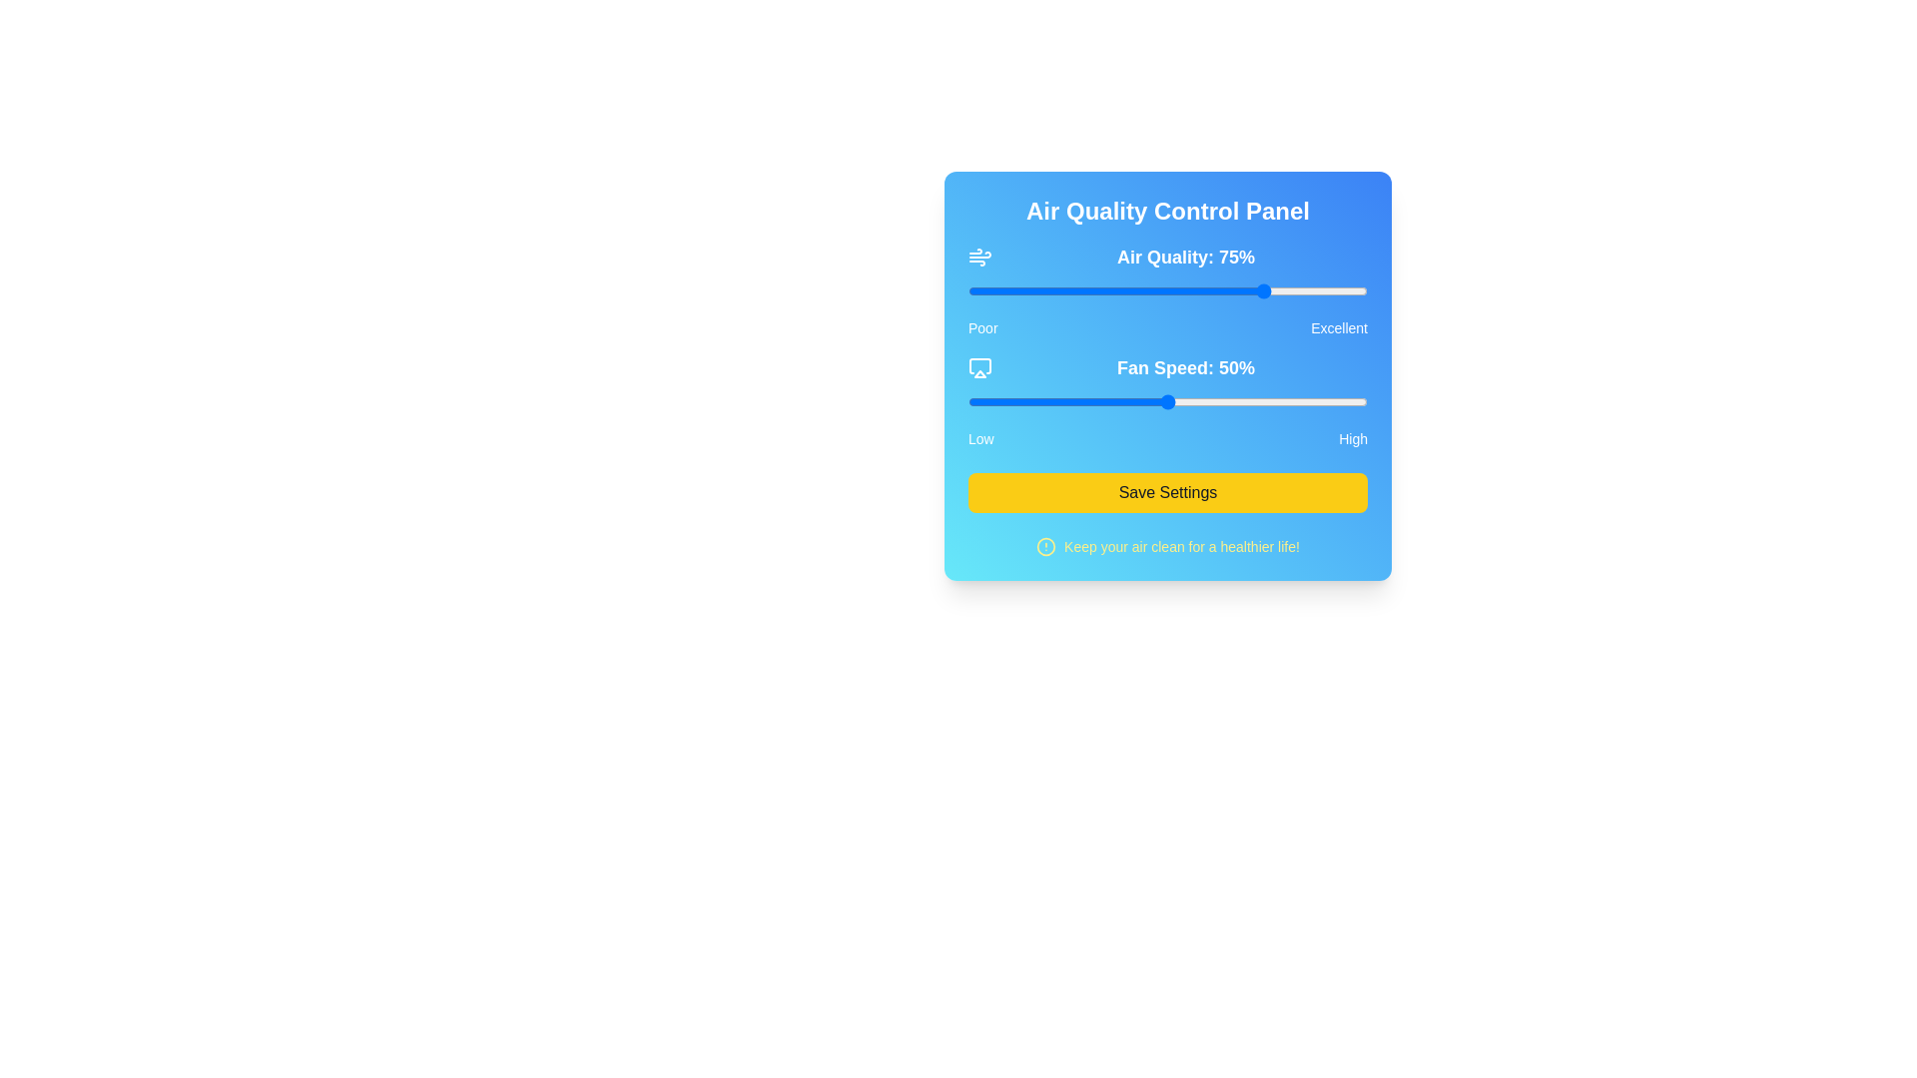 The image size is (1917, 1078). What do you see at coordinates (980, 437) in the screenshot?
I see `the label indicating the low end of the range, located at the left edge of the section labeled 'Low-High', positioned to the left of the 'High' label` at bounding box center [980, 437].